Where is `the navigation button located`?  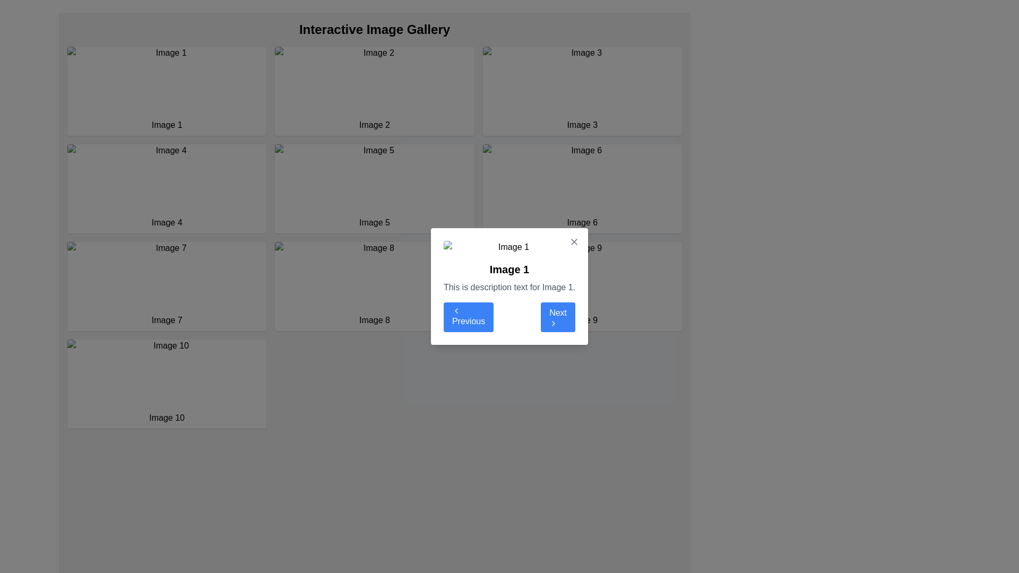
the navigation button located is located at coordinates (557, 316).